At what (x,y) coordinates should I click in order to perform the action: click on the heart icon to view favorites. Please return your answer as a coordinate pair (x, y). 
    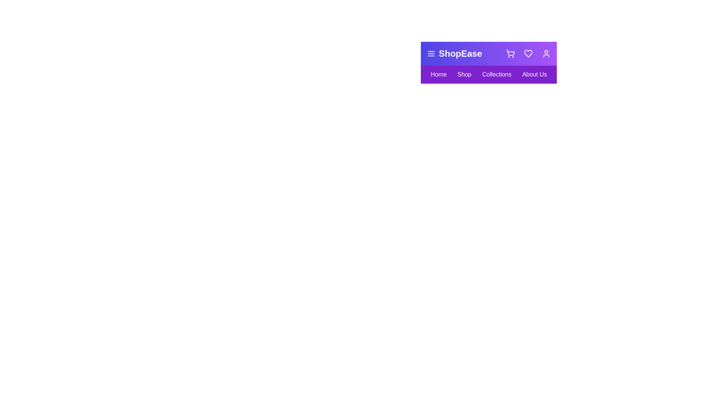
    Looking at the image, I should click on (528, 53).